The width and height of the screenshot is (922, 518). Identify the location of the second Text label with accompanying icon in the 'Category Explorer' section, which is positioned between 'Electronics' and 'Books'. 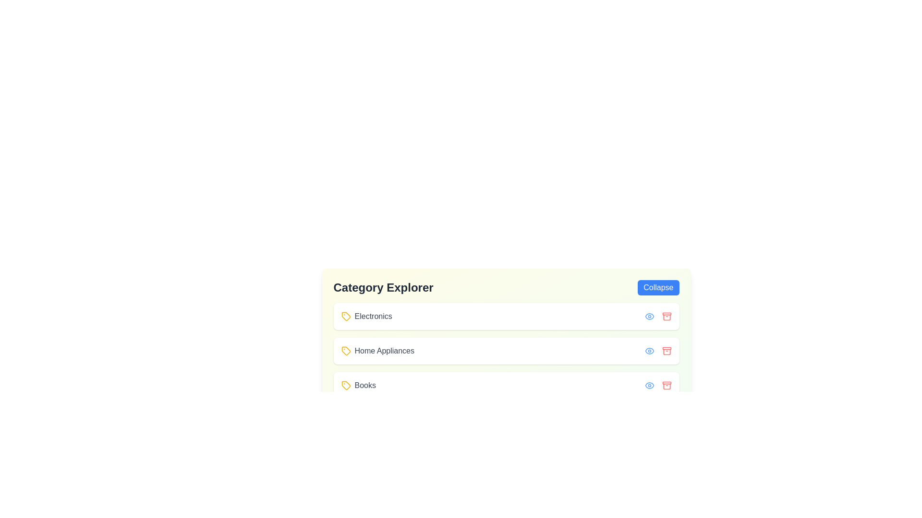
(377, 351).